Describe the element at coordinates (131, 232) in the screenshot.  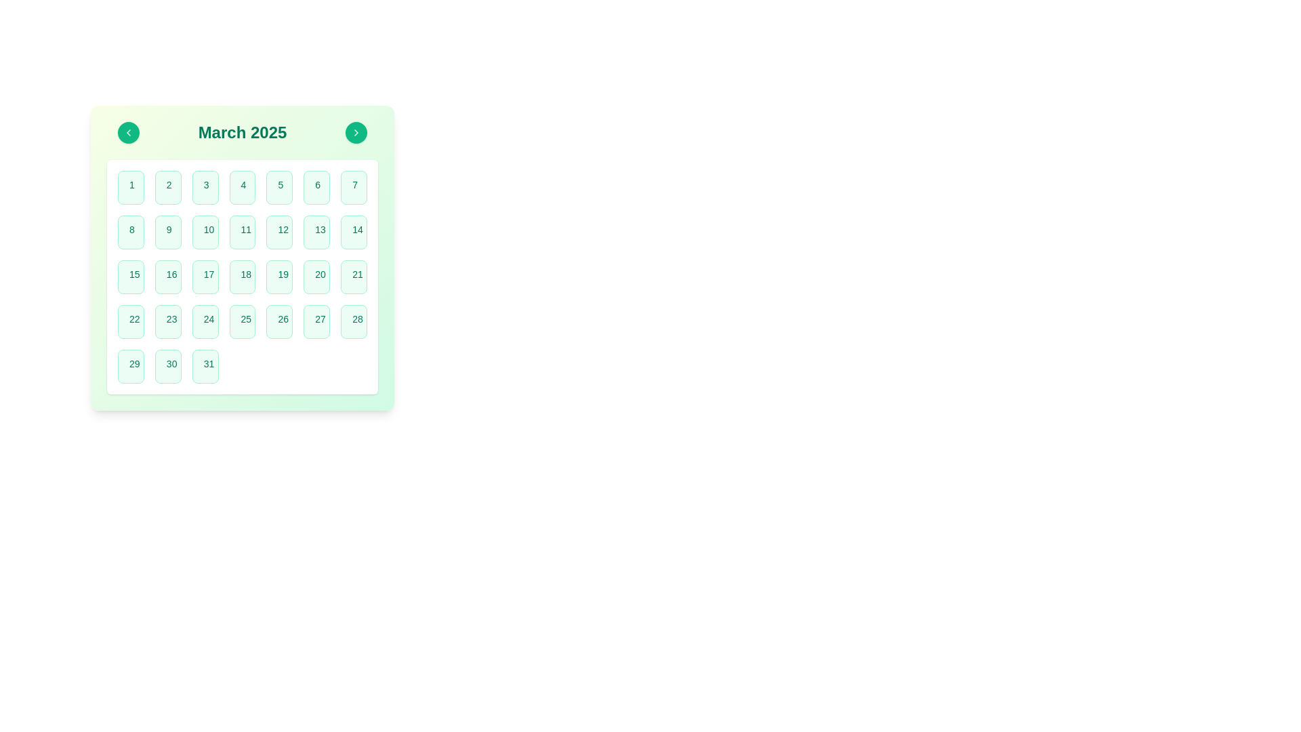
I see `the calendar day box displaying the number '8', located in the second row and first column of the calendar grid for March` at that location.